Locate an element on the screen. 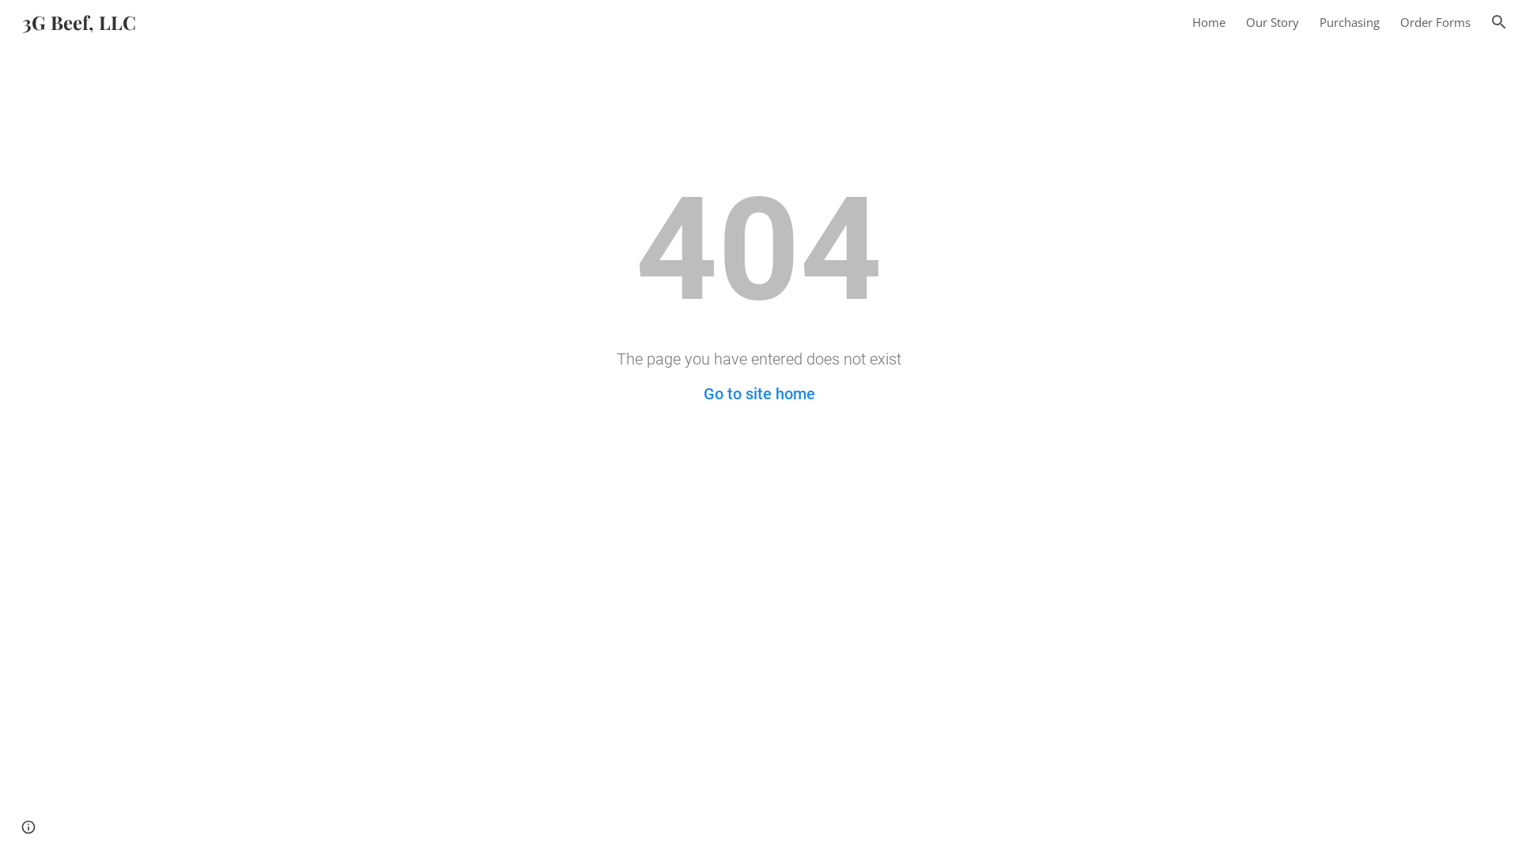  'Our Story' is located at coordinates (1272, 21).